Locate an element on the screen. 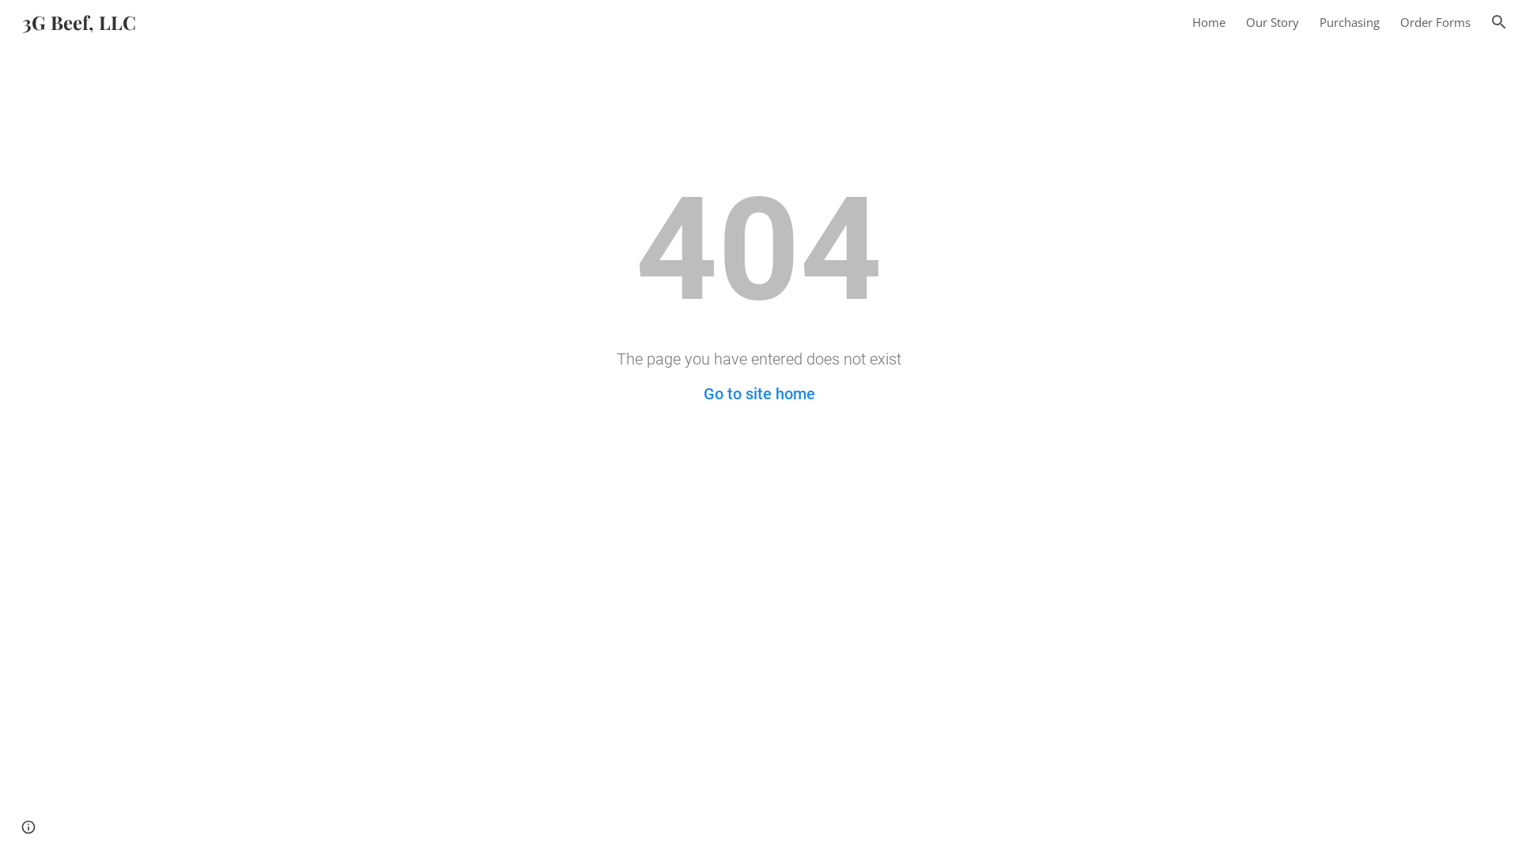  'Our Story' is located at coordinates (1272, 21).